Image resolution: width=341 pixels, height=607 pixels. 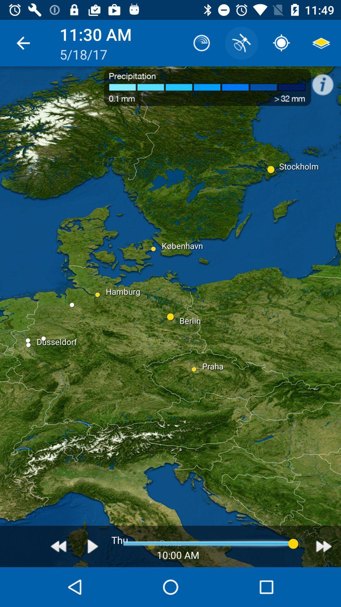 What do you see at coordinates (324, 546) in the screenshot?
I see `avanar hora` at bounding box center [324, 546].